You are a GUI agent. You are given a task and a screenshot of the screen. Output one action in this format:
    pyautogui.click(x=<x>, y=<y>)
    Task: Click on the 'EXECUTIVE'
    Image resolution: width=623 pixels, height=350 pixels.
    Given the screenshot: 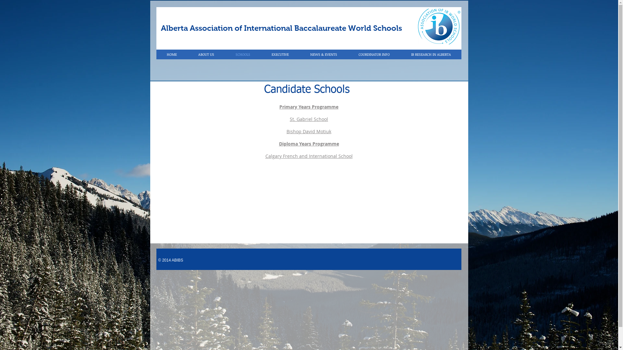 What is the action you would take?
    pyautogui.click(x=280, y=54)
    